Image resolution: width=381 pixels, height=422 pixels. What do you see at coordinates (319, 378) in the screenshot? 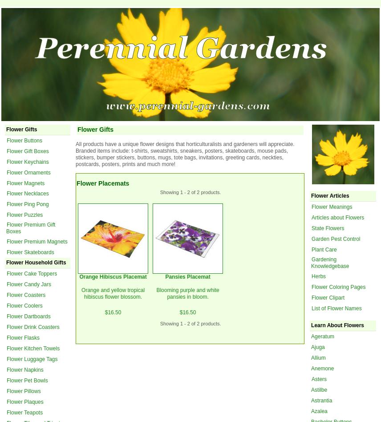
I see `'Asters'` at bounding box center [319, 378].